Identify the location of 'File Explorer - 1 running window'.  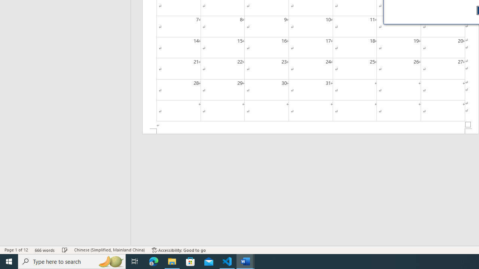
(172, 261).